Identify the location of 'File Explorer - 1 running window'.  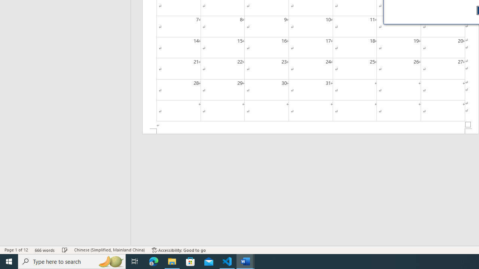
(172, 261).